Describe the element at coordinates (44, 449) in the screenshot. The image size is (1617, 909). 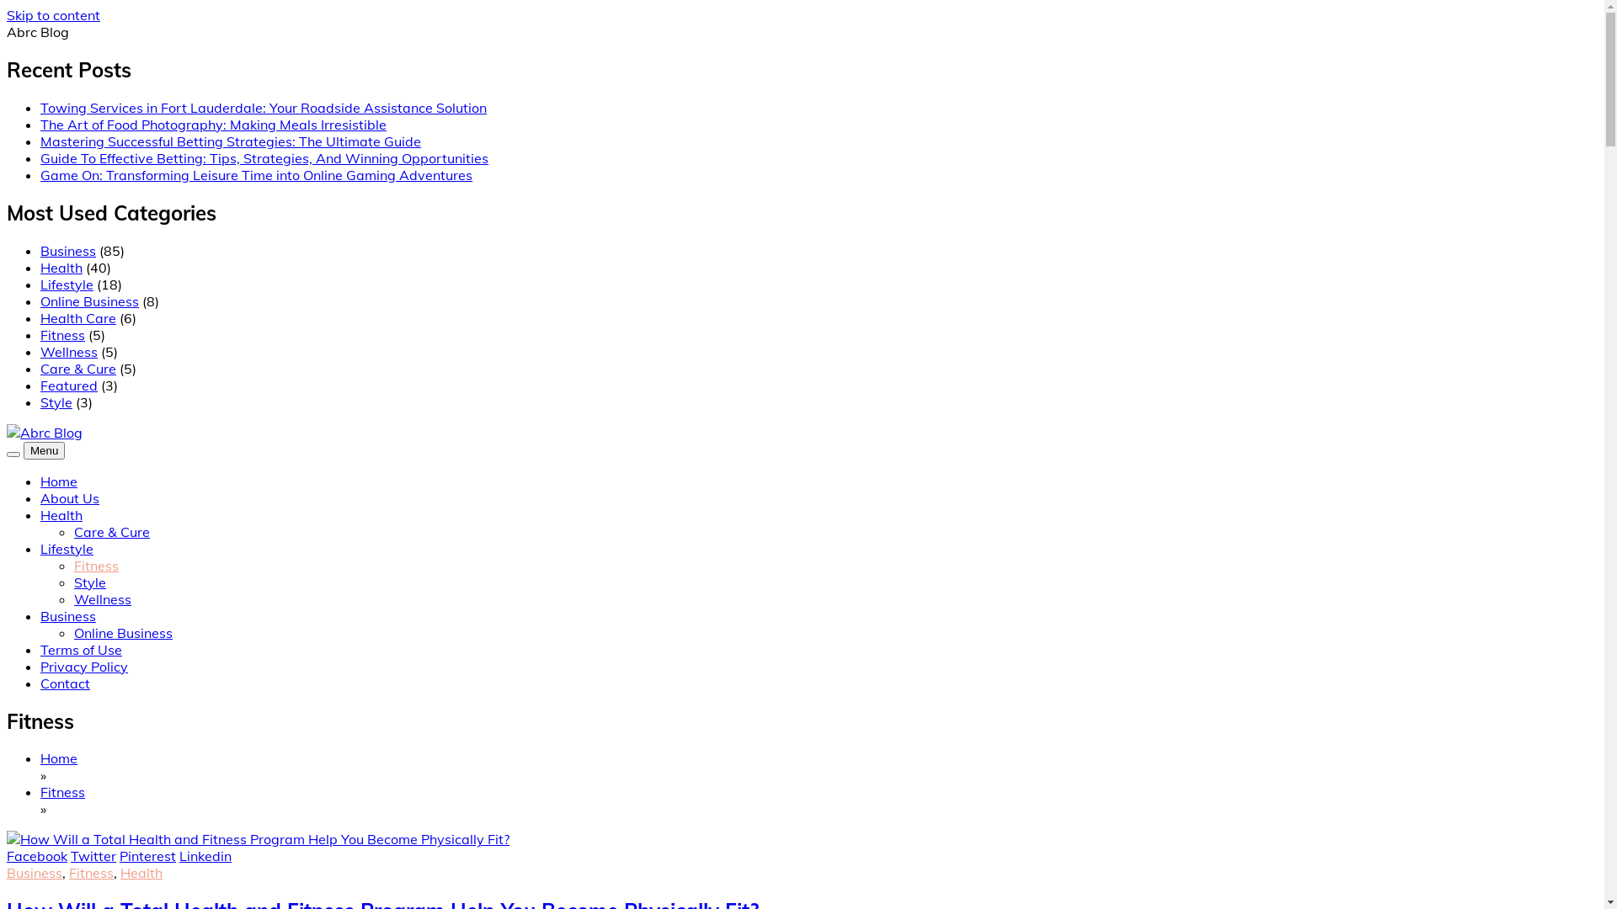
I see `'Menu'` at that location.